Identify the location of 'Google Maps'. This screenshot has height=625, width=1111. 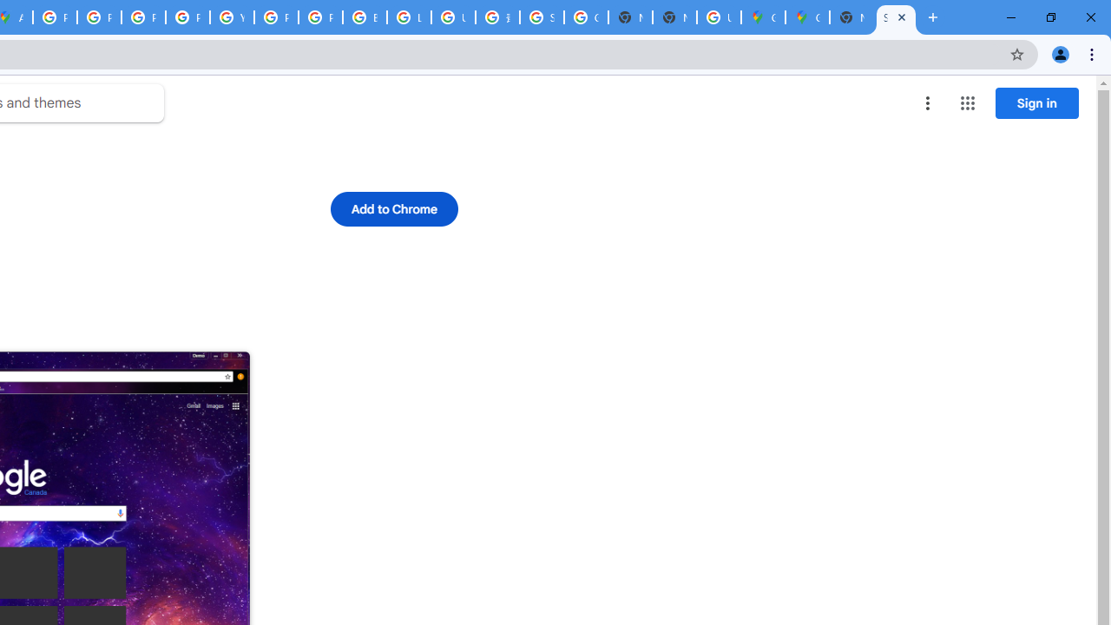
(806, 17).